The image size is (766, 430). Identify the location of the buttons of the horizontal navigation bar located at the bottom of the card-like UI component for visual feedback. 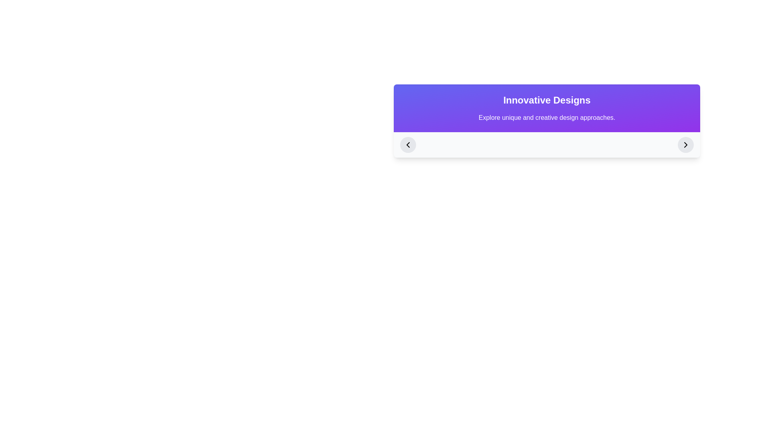
(547, 145).